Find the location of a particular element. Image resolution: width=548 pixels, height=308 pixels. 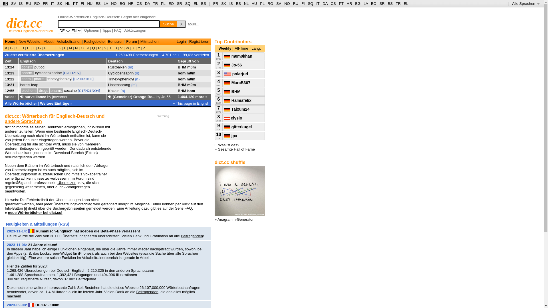

'cocaine [C17H21NO4]' is located at coordinates (64, 90).